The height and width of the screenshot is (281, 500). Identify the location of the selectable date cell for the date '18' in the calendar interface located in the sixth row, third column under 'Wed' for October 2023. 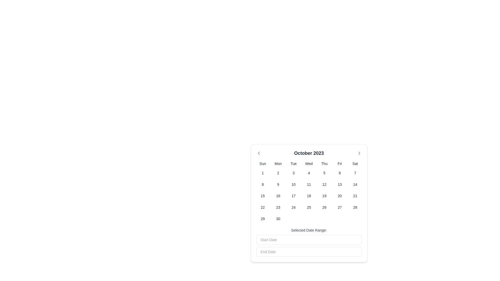
(309, 196).